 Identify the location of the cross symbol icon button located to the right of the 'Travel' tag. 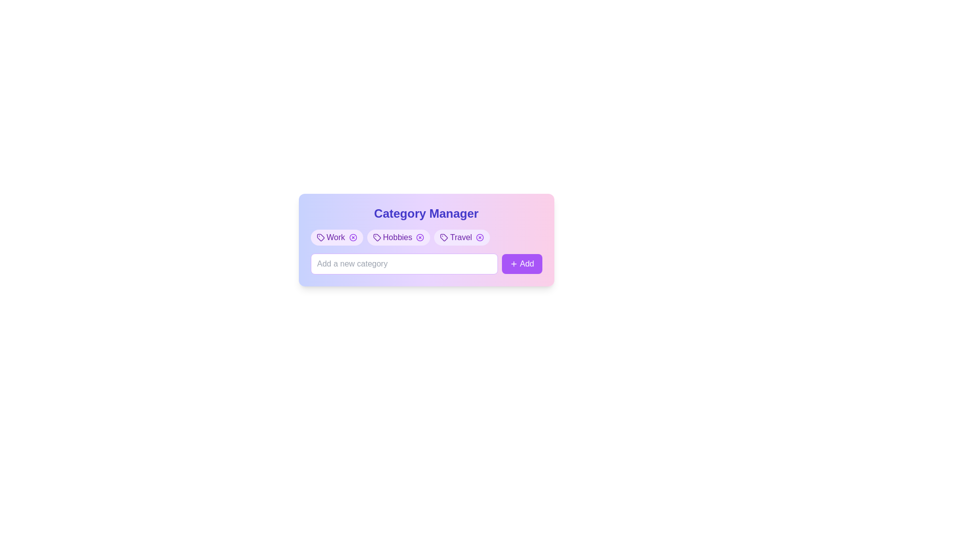
(480, 238).